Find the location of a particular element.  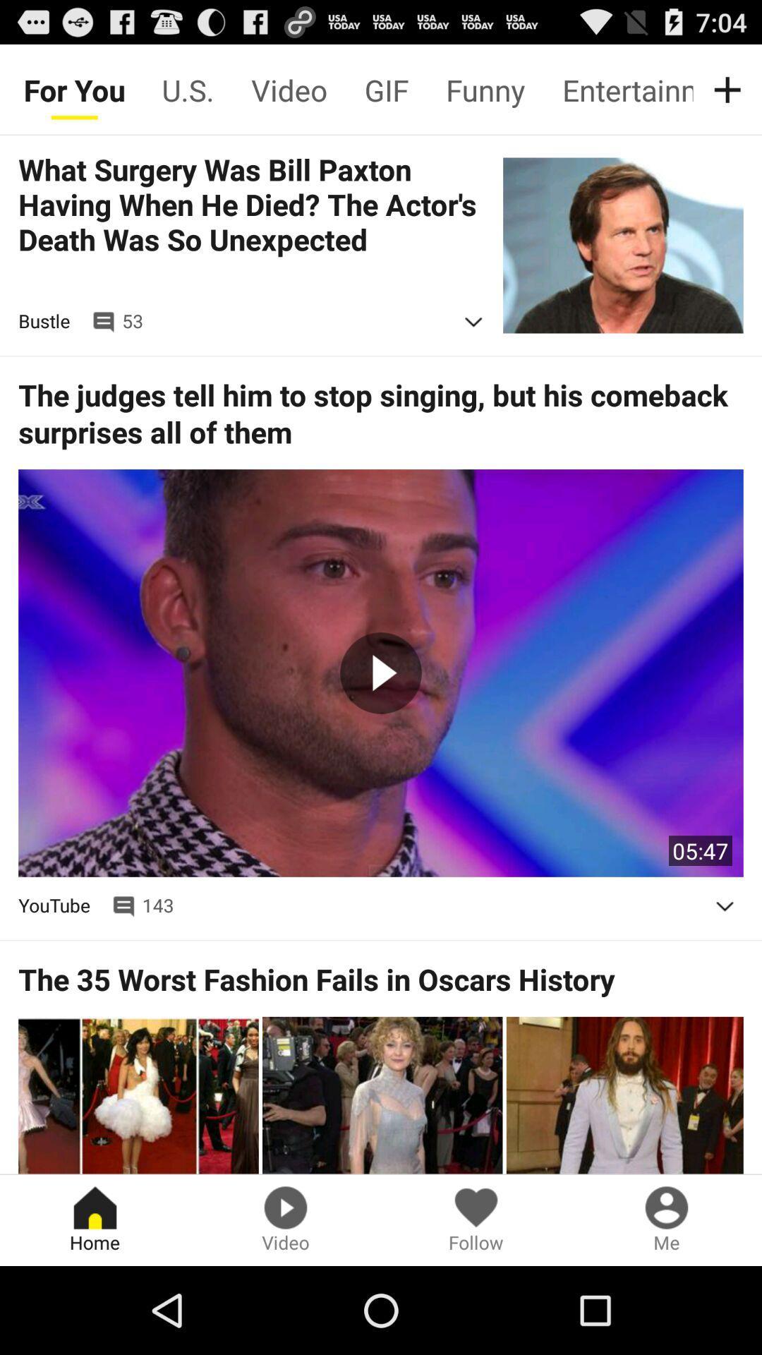

tab is located at coordinates (730, 89).